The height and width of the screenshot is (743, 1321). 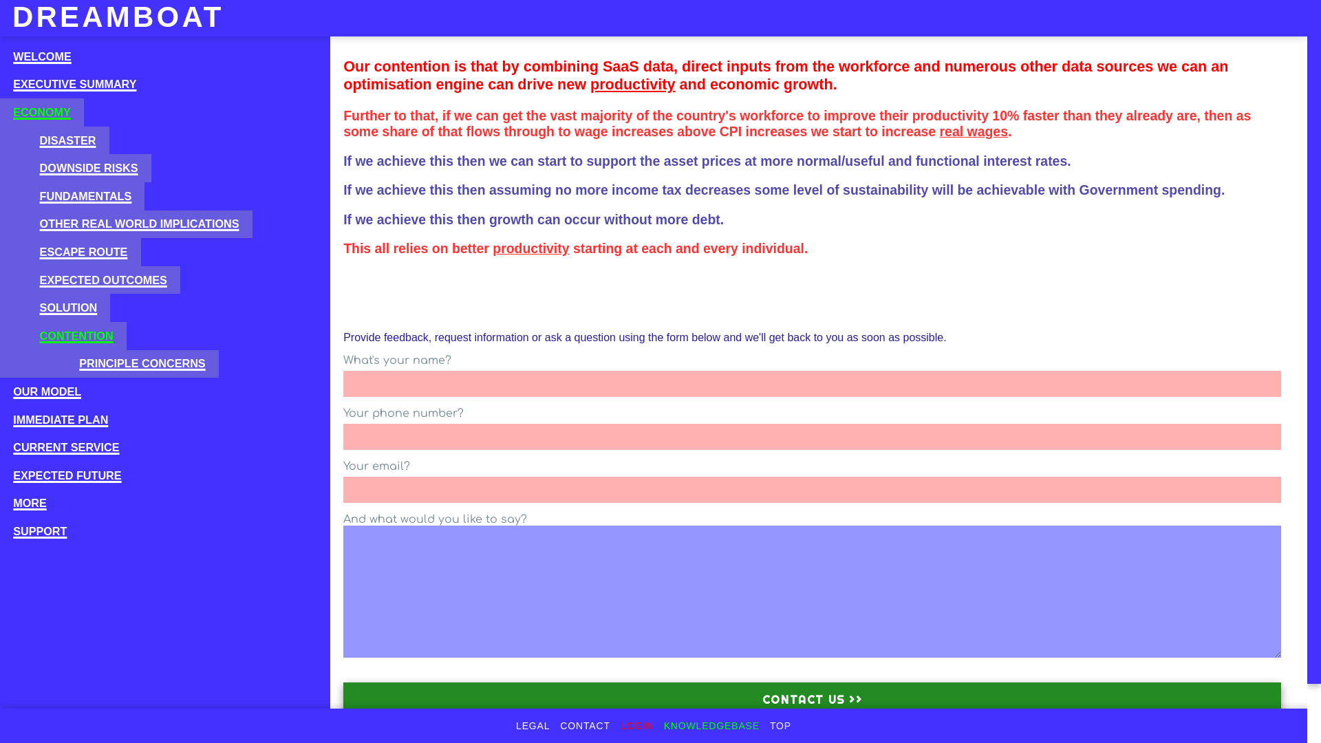 I want to click on 'OUR MODEL', so click(x=47, y=391).